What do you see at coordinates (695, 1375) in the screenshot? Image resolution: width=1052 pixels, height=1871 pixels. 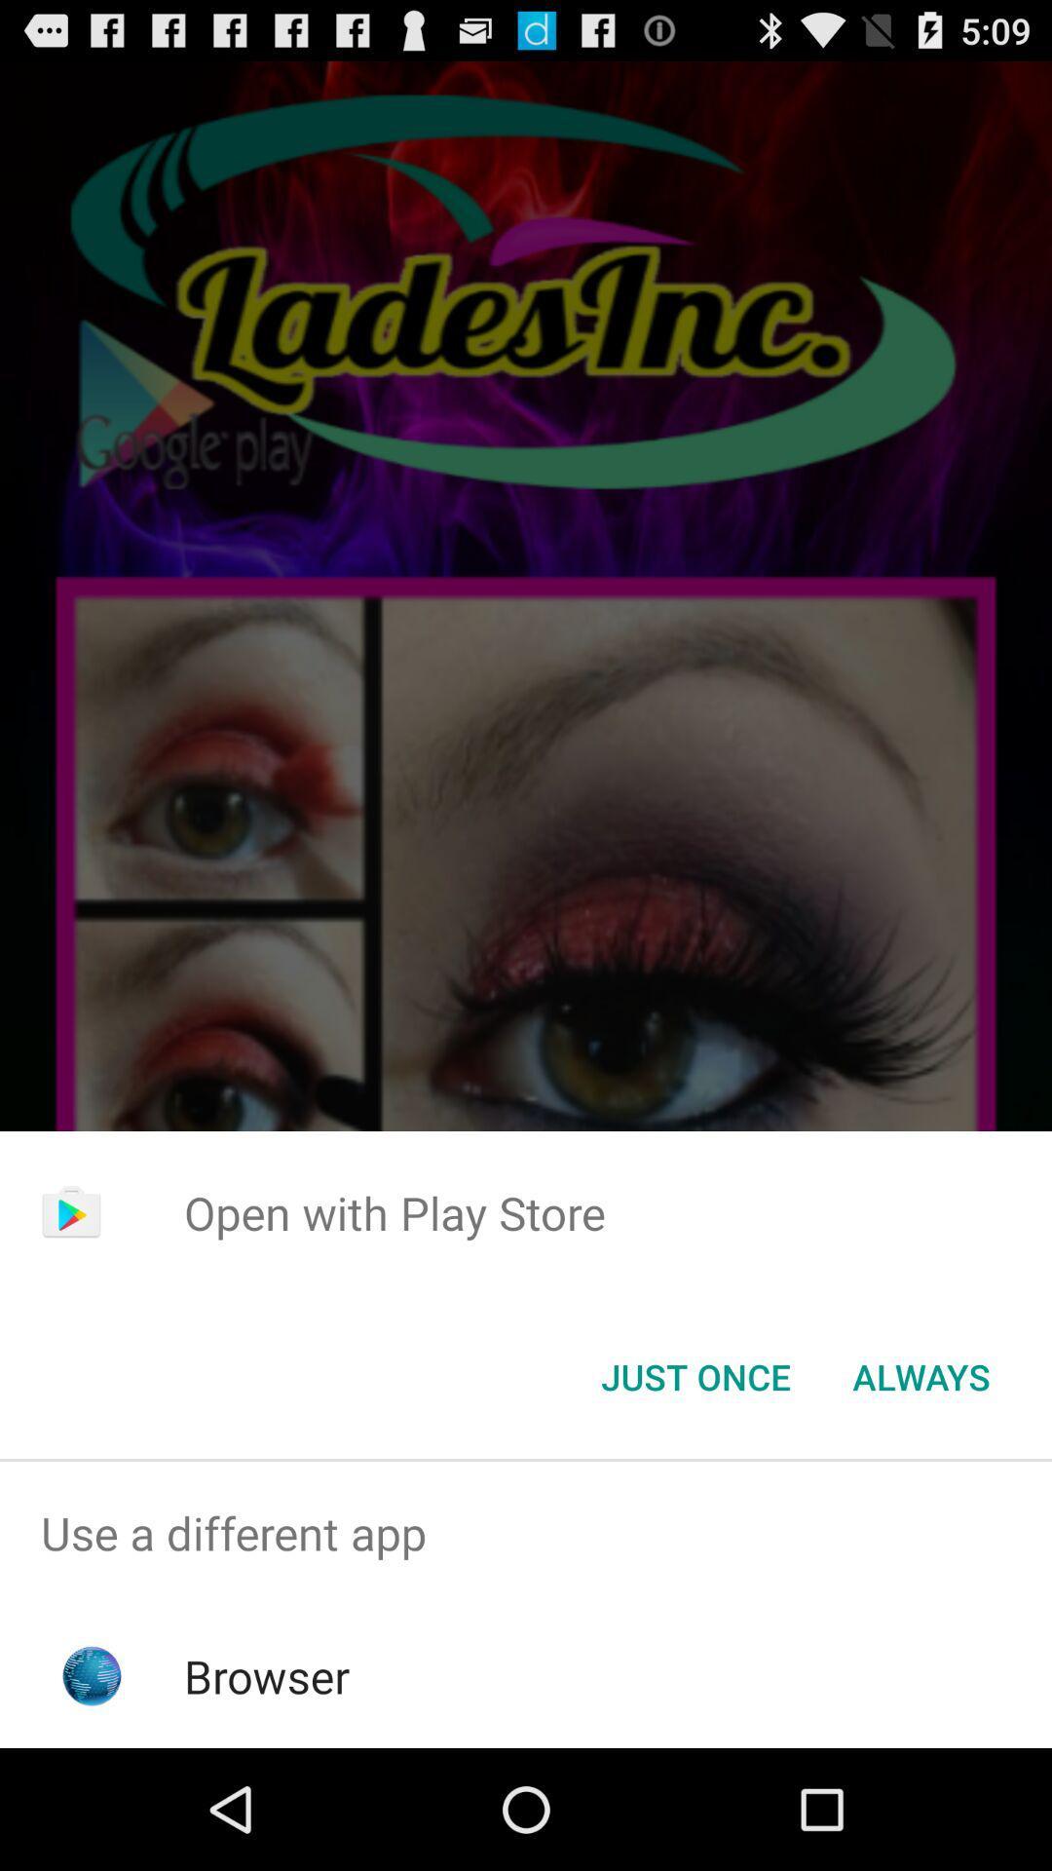 I see `icon next to the always icon` at bounding box center [695, 1375].